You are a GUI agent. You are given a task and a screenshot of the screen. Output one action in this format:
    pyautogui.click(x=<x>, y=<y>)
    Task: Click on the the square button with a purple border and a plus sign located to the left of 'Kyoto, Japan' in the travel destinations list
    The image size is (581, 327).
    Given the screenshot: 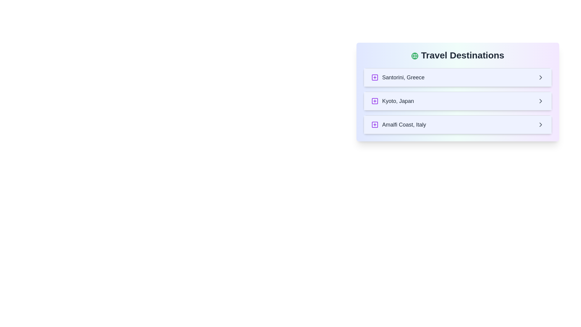 What is the action you would take?
    pyautogui.click(x=374, y=101)
    